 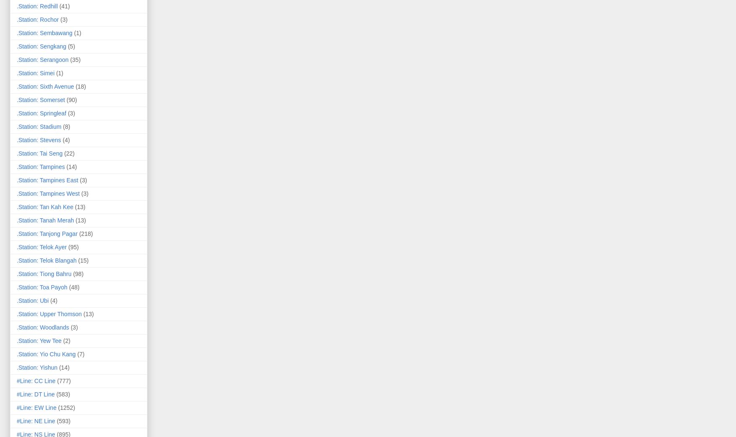 What do you see at coordinates (71, 46) in the screenshot?
I see `'(5)'` at bounding box center [71, 46].